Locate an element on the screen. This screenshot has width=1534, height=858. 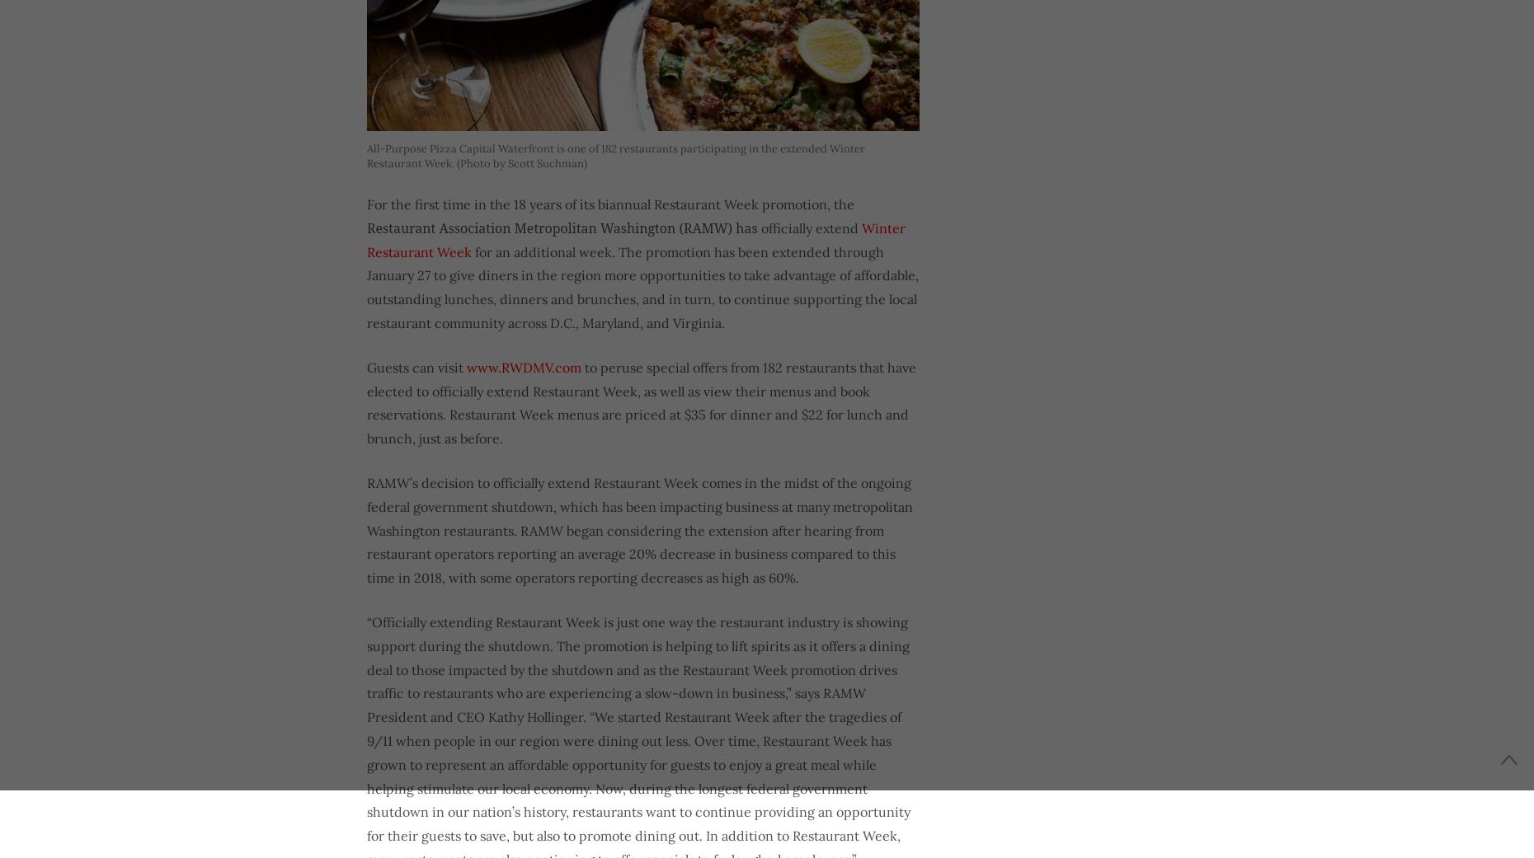
'All-Purpose Pizza Capital Waterfront is one of 182 restaurants participating in the extended Winter Restaurant Week. (Photo by Scott Suchman)' is located at coordinates (615, 156).